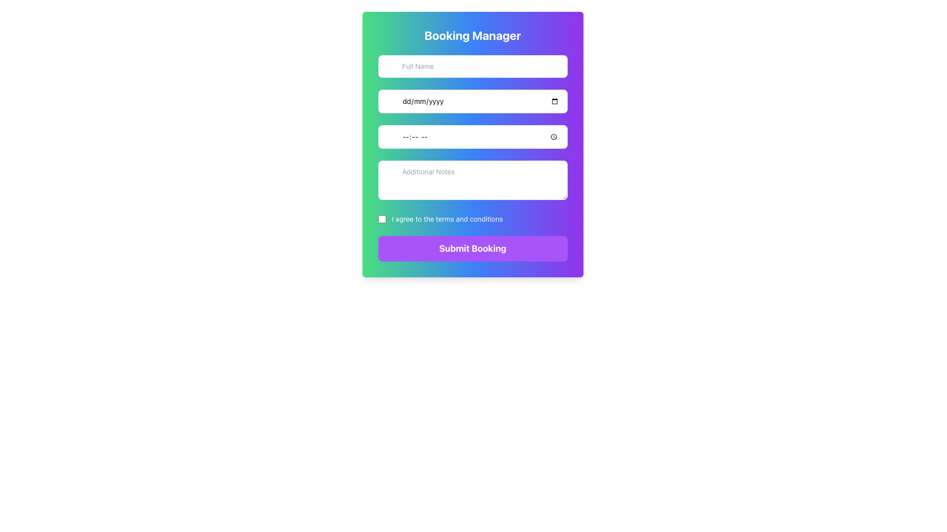  What do you see at coordinates (472, 101) in the screenshot?
I see `the Date Input Field, which is a rectangular input field with rounded corners, intended for selecting or entering a date, located below the 'Full Name' input box and above the time input field` at bounding box center [472, 101].